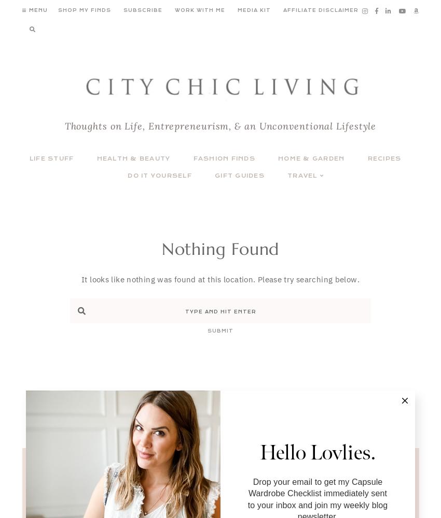  I want to click on 'Travel', so click(302, 175).